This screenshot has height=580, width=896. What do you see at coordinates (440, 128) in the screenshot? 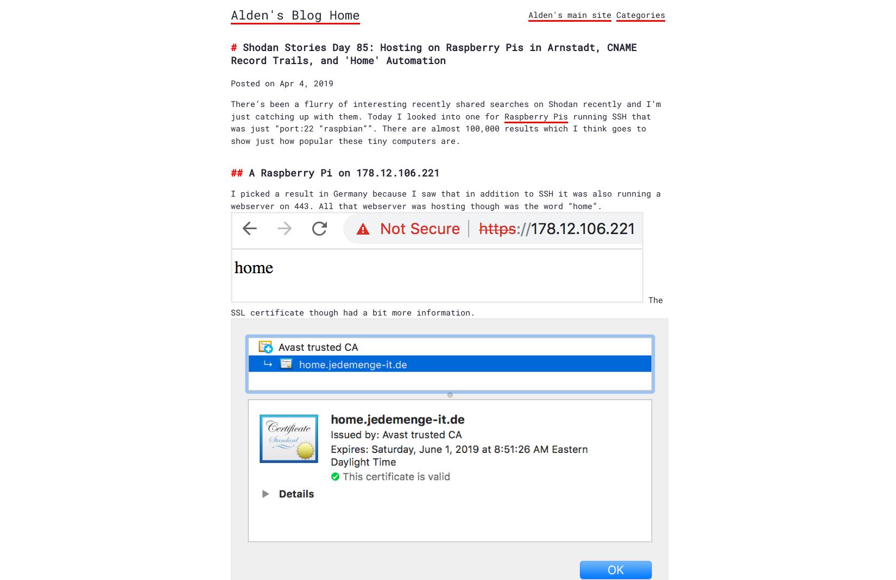
I see `'running SSH that was just “port:22 “raspbian””. There are almost 100,000 results which I think goes to show just how popular these tiny computers are.'` at bounding box center [440, 128].